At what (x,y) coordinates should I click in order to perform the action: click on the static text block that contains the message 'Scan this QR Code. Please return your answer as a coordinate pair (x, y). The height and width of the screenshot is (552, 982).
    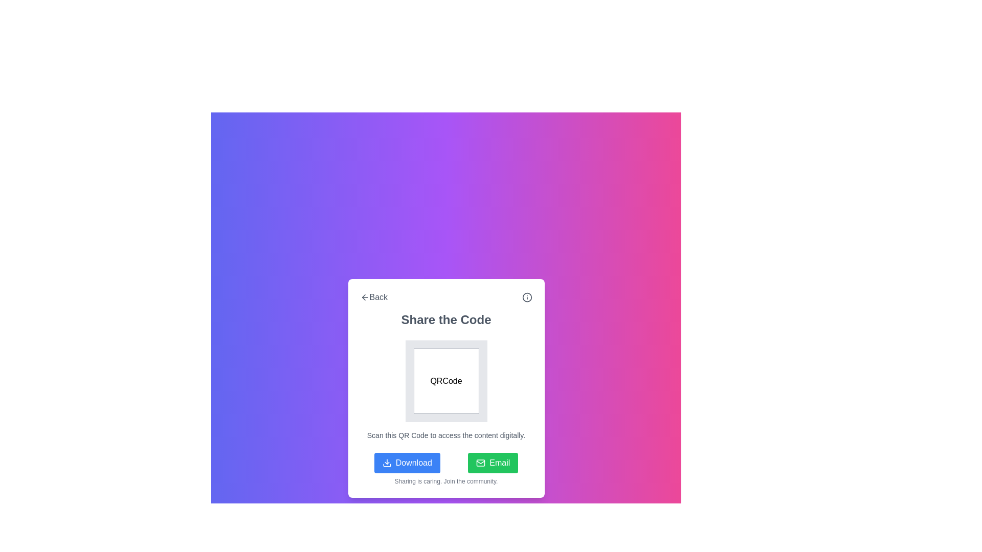
    Looking at the image, I should click on (446, 435).